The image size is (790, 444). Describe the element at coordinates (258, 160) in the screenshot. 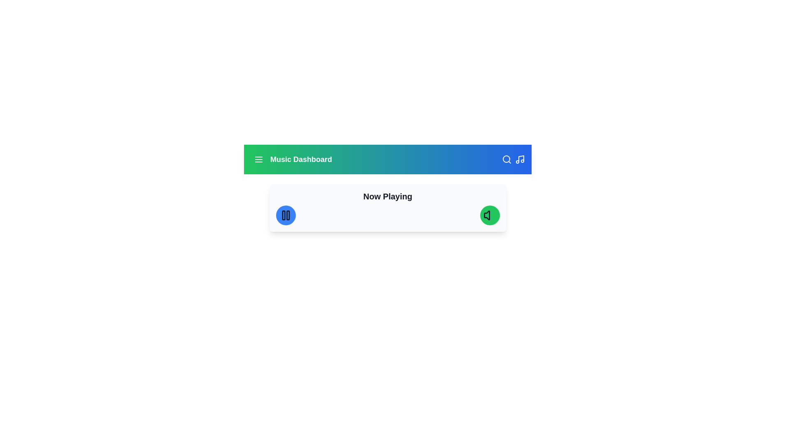

I see `the menu button located at the top-left corner of the Music Dashboard` at that location.